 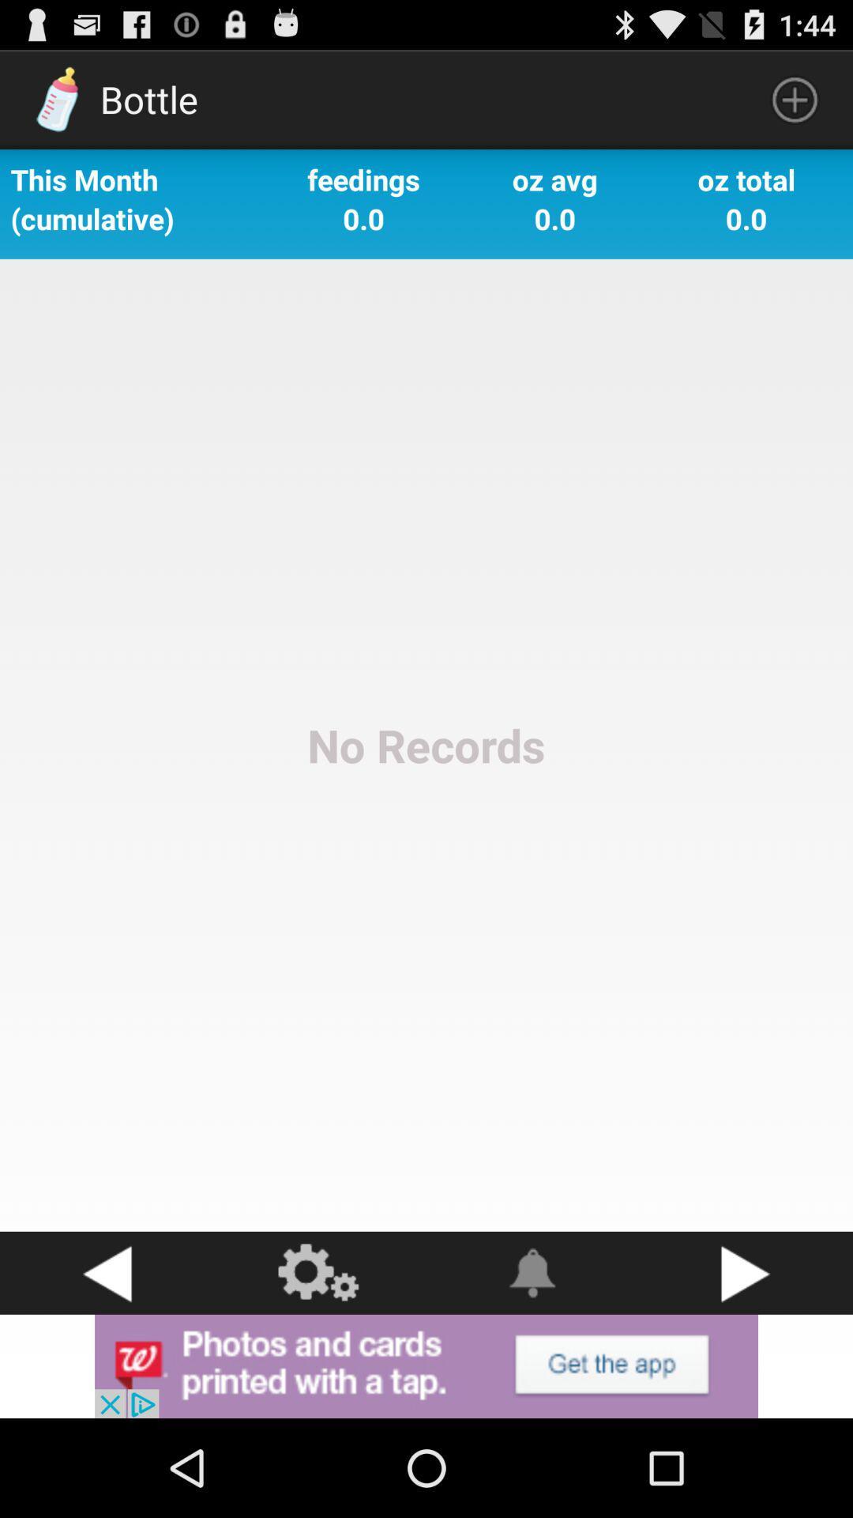 I want to click on click on add, so click(x=426, y=1365).